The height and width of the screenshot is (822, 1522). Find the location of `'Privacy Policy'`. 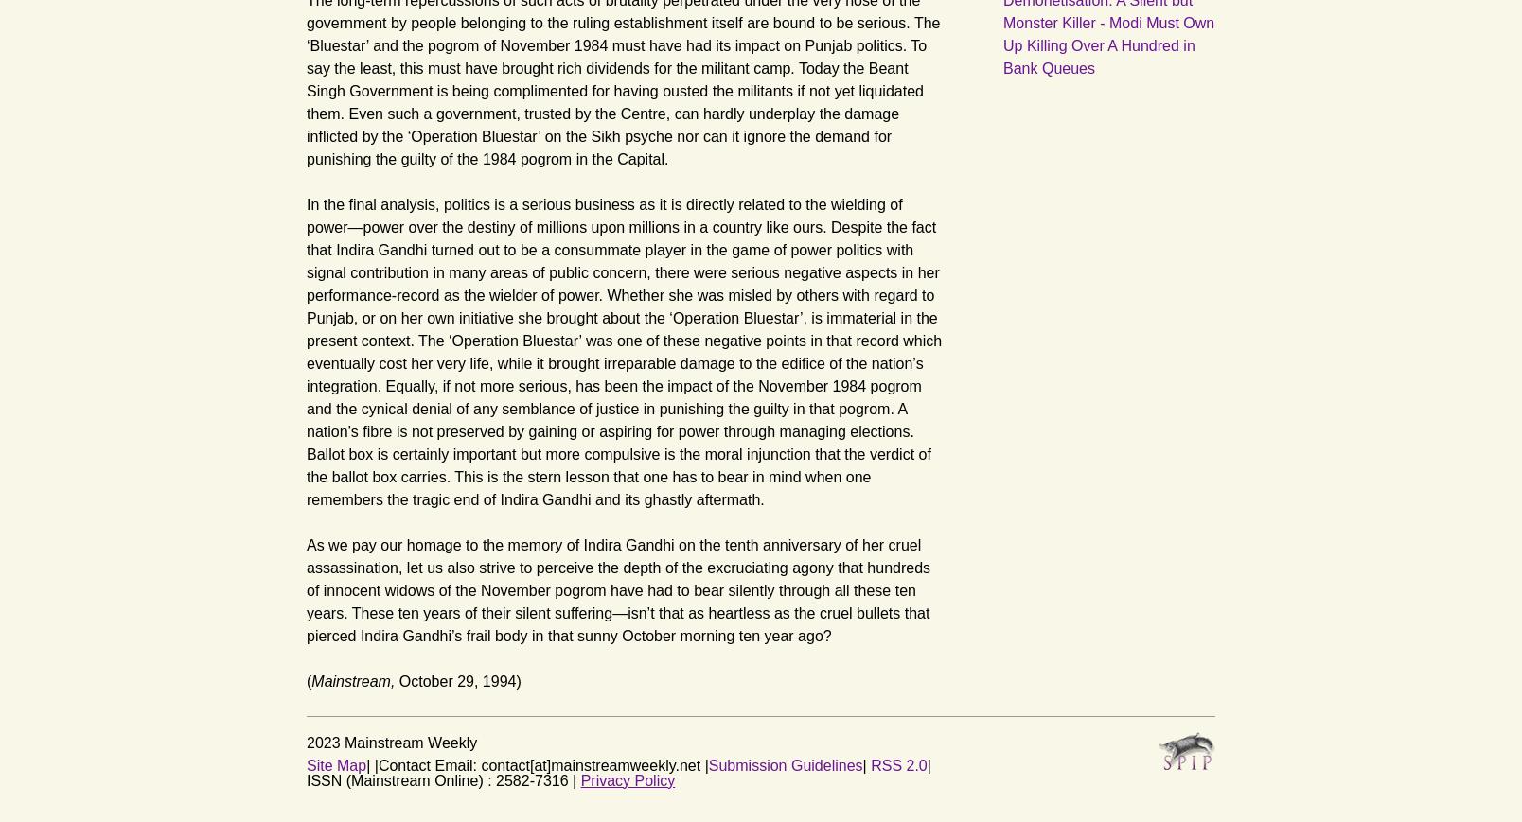

'Privacy Policy' is located at coordinates (627, 779).